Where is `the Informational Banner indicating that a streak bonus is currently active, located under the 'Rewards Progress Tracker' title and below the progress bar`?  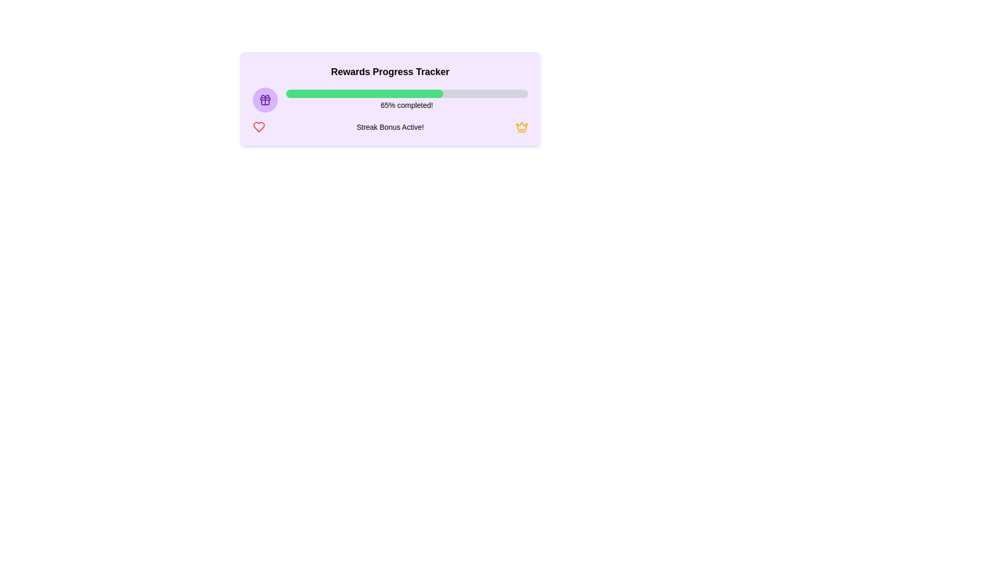
the Informational Banner indicating that a streak bonus is currently active, located under the 'Rewards Progress Tracker' title and below the progress bar is located at coordinates (389, 126).